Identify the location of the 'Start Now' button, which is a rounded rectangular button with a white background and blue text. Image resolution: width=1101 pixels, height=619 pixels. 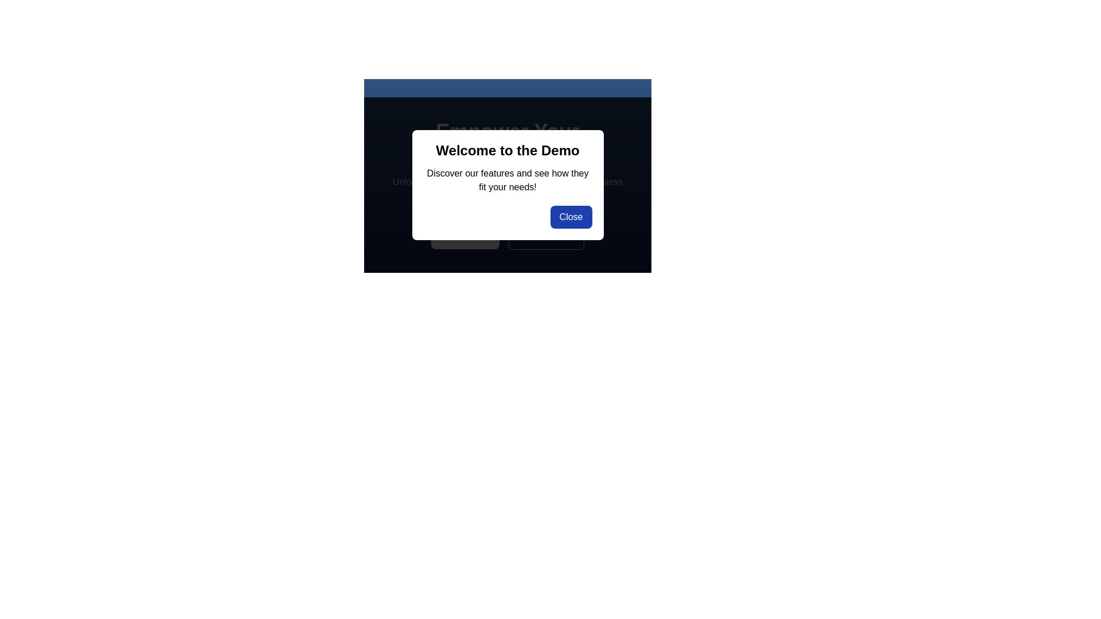
(465, 235).